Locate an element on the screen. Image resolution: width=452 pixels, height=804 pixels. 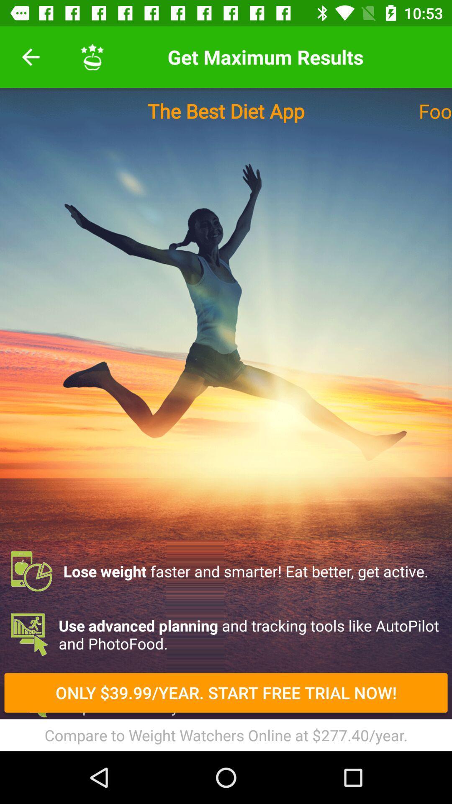
item above use advanced planning is located at coordinates (226, 571).